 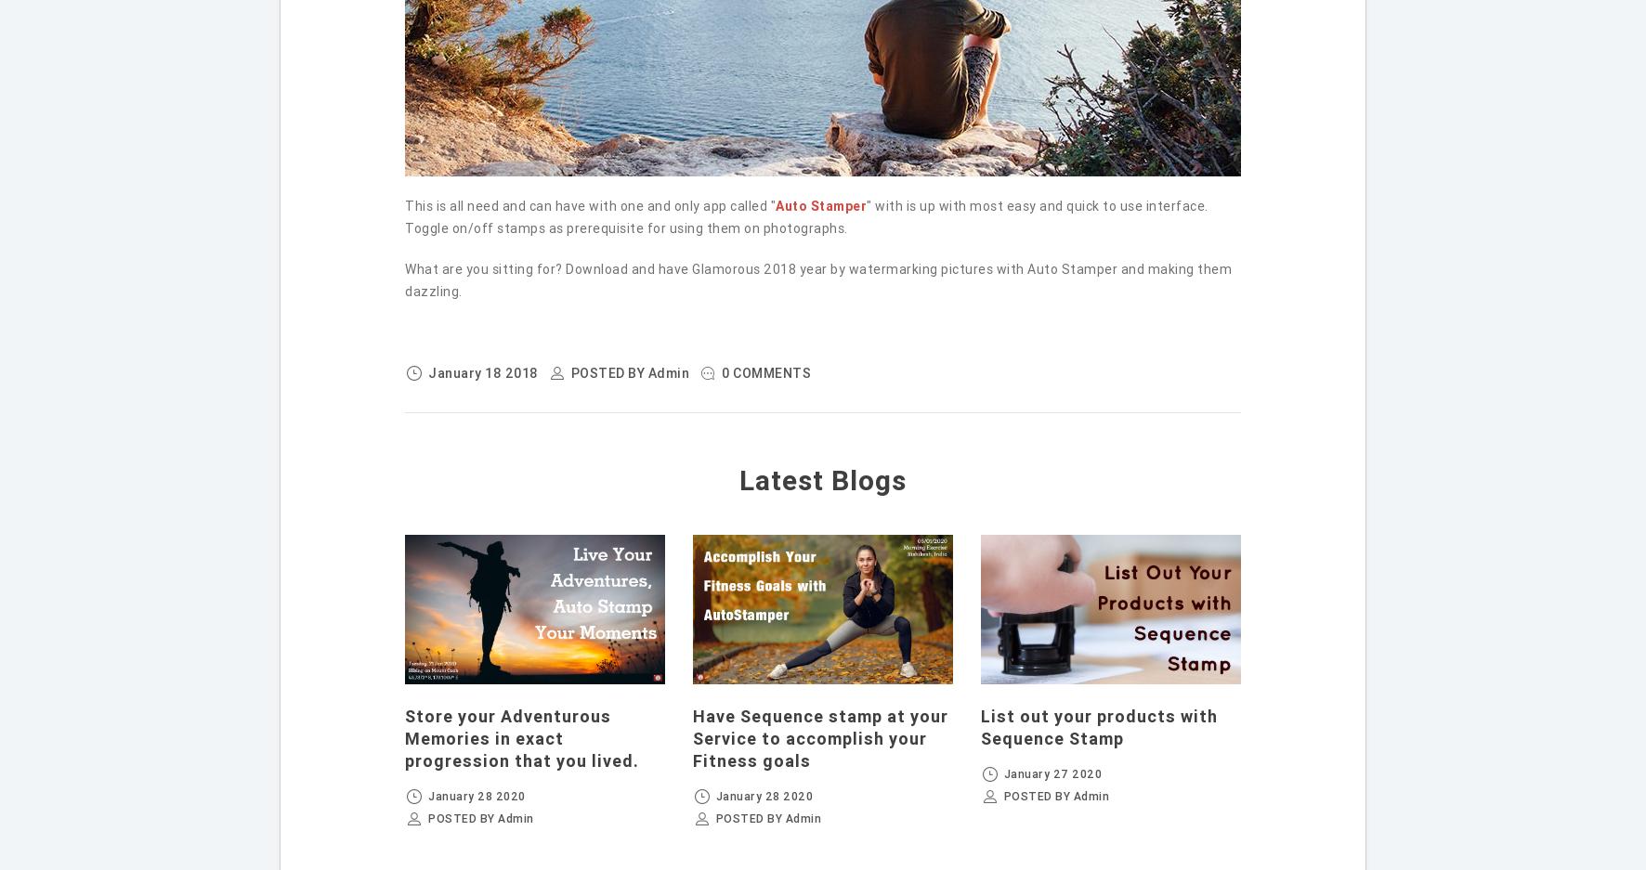 What do you see at coordinates (590, 204) in the screenshot?
I see `'This is all need and can have with one and only app called "'` at bounding box center [590, 204].